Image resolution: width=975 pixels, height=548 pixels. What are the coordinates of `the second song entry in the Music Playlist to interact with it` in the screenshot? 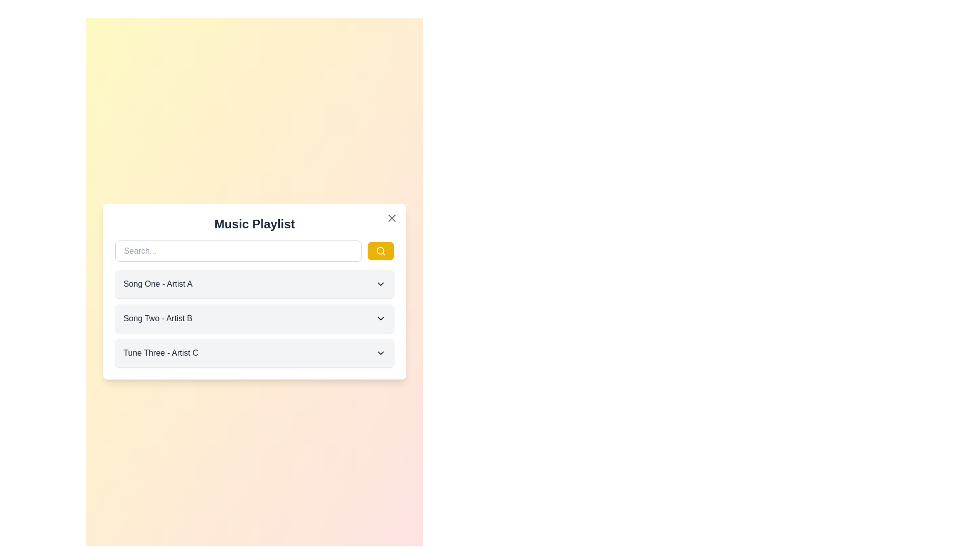 It's located at (254, 318).